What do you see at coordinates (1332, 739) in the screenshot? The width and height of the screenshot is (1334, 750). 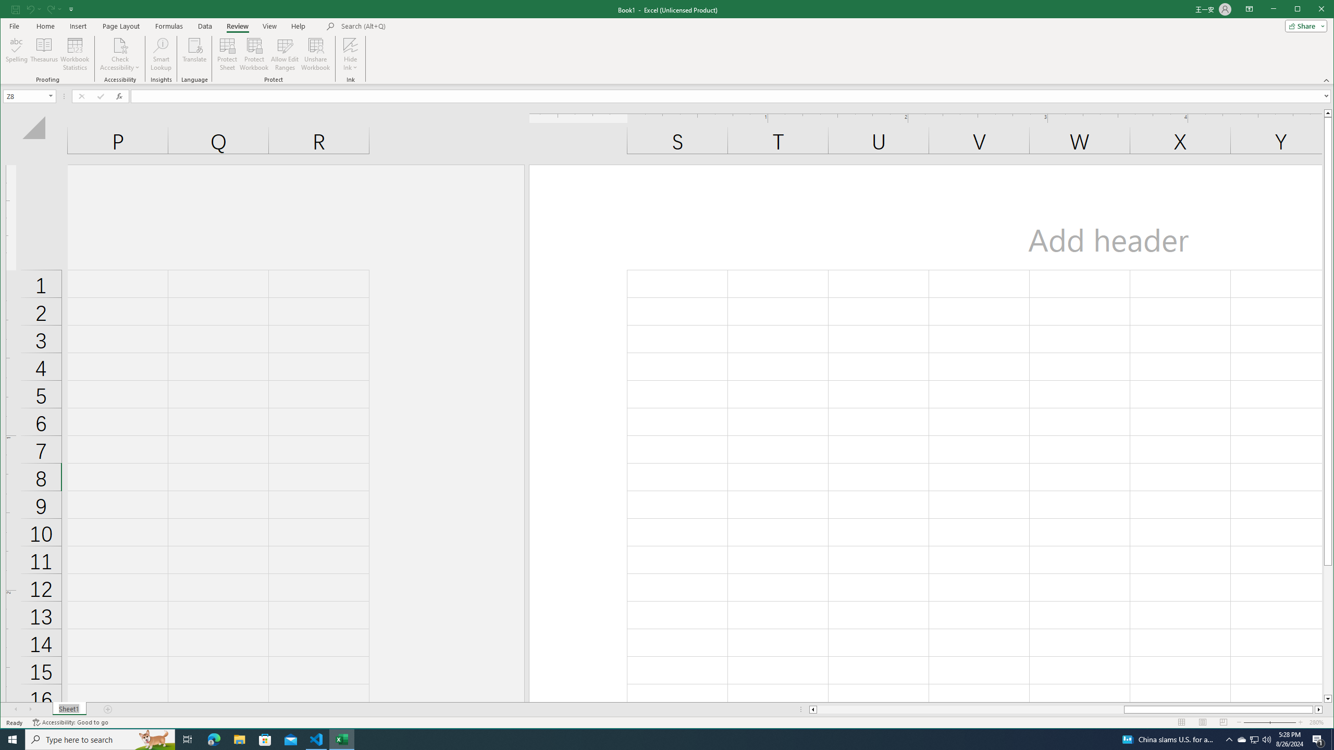 I see `'Show desktop'` at bounding box center [1332, 739].